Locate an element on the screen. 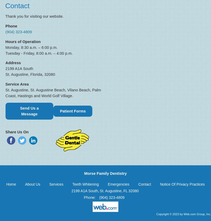 The height and width of the screenshot is (221, 211). 'FL' is located at coordinates (125, 190).